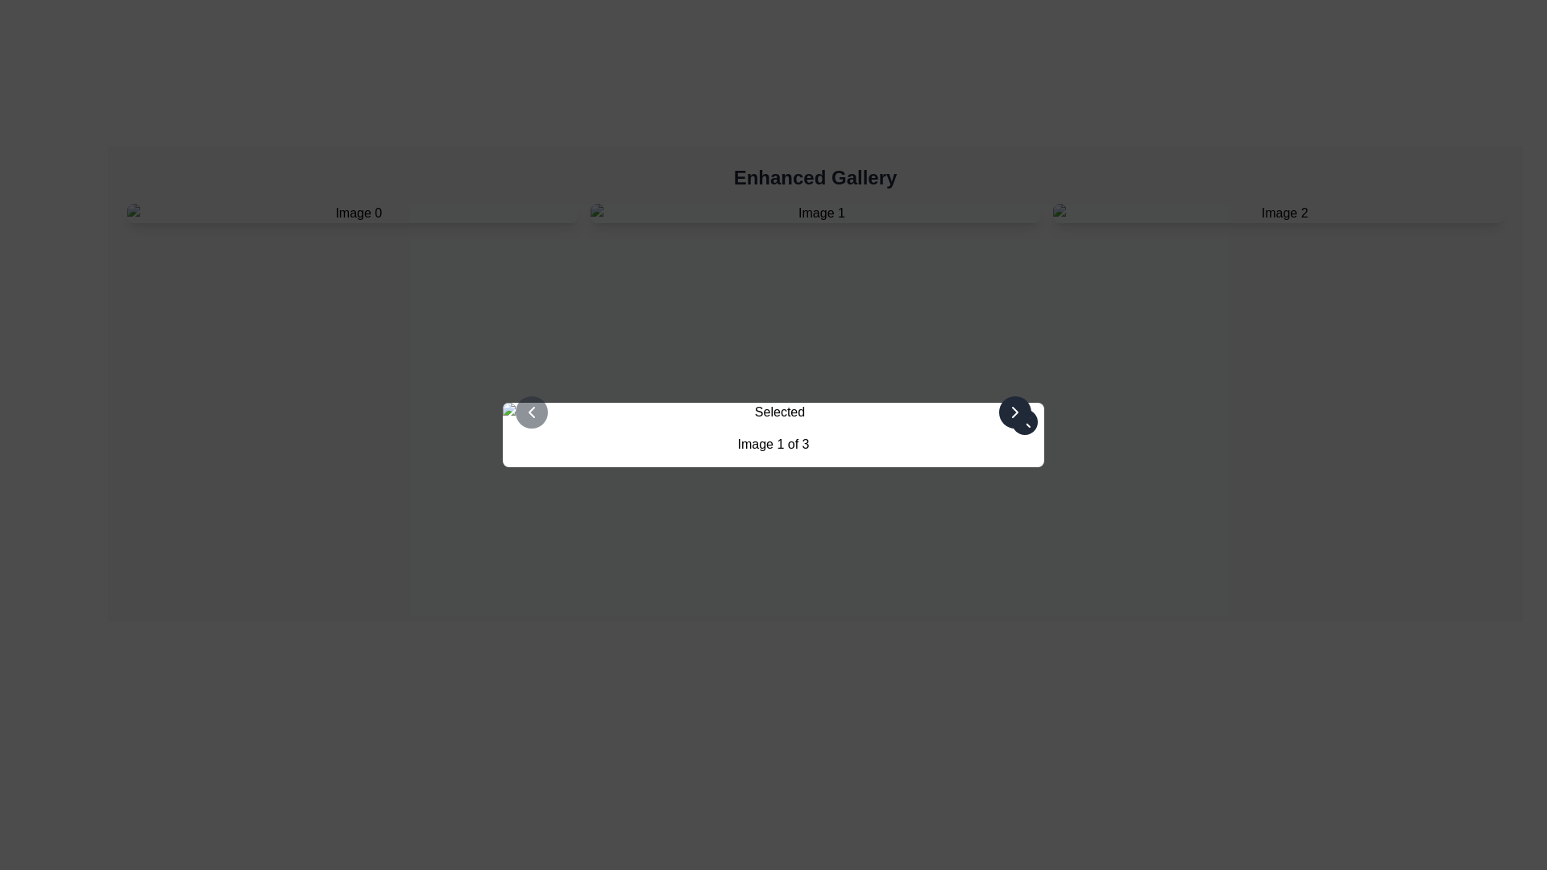  I want to click on the center of the second image card in the gallery, so click(815, 213).